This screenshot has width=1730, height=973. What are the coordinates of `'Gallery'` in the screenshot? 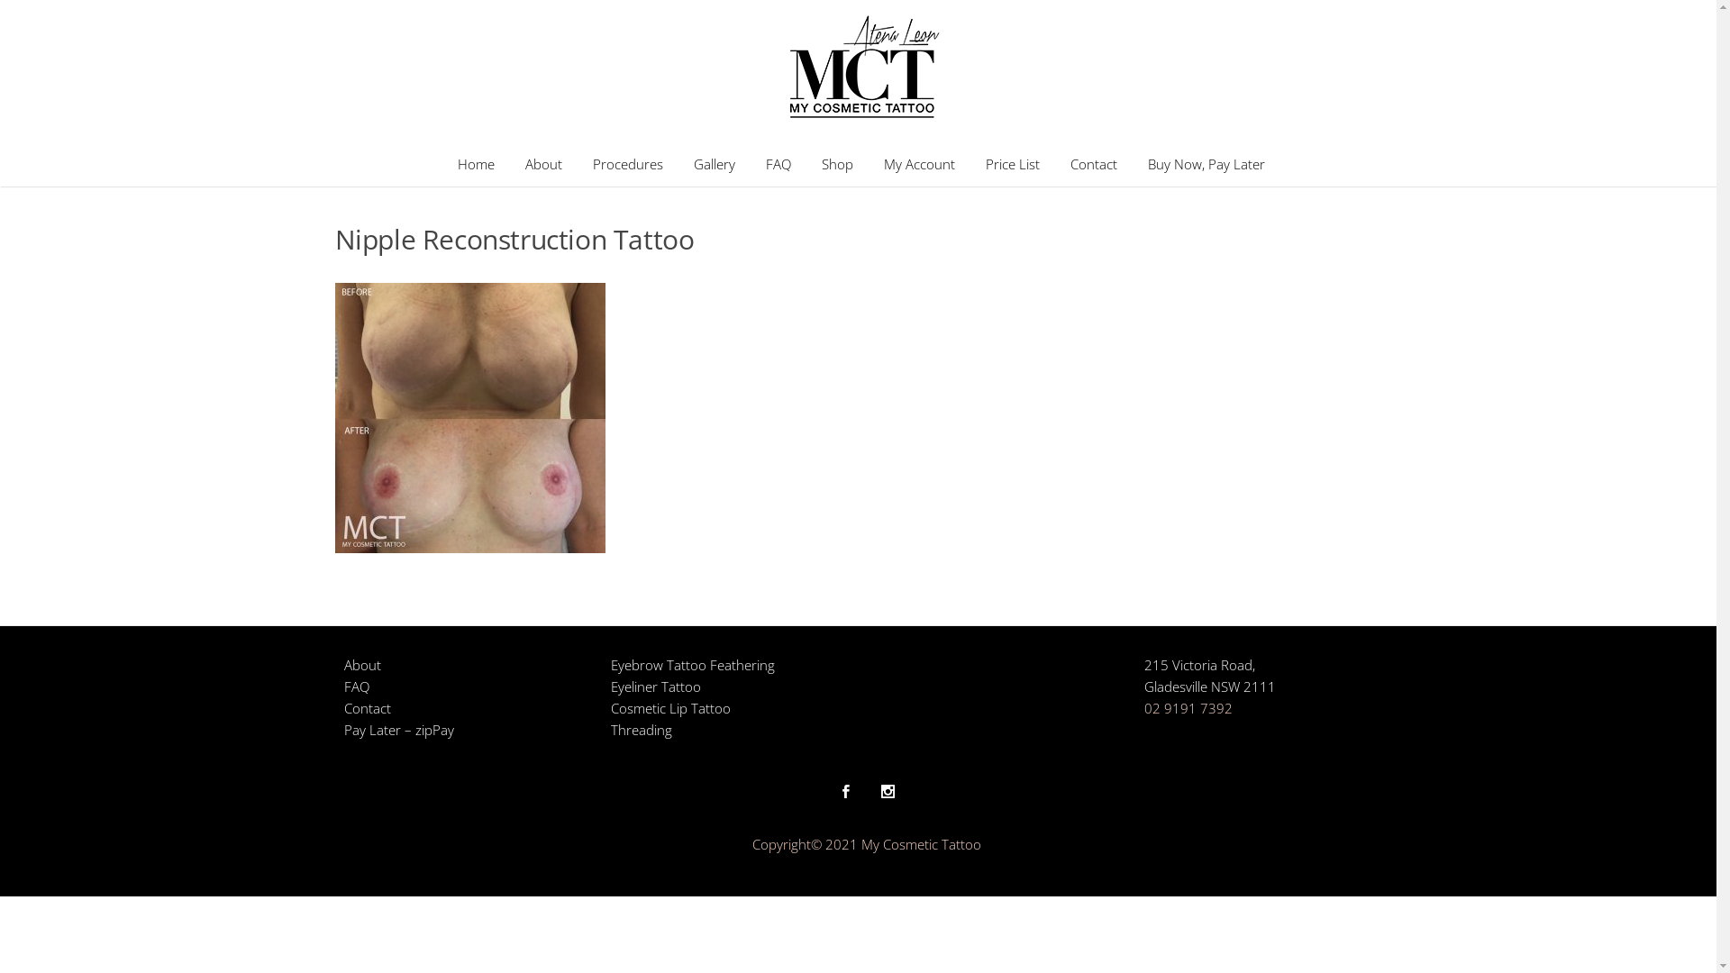 It's located at (713, 163).